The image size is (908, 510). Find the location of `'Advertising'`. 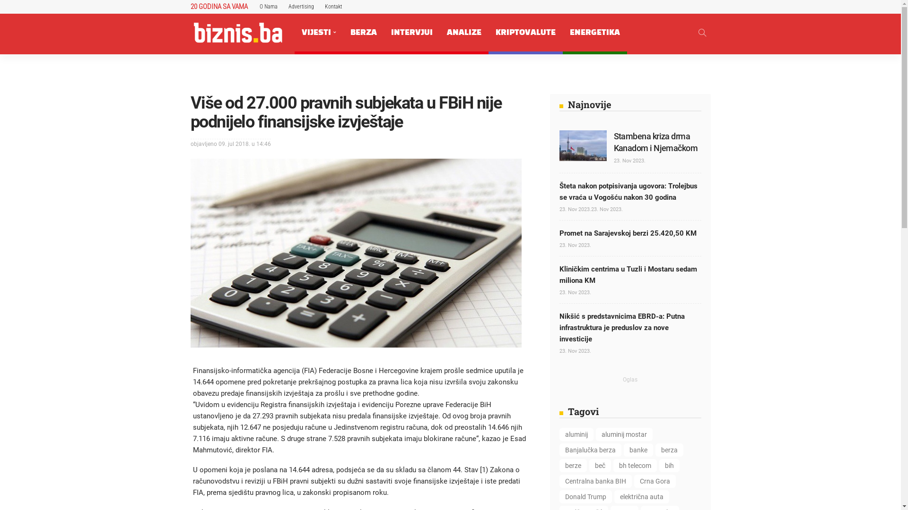

'Advertising' is located at coordinates (301, 7).